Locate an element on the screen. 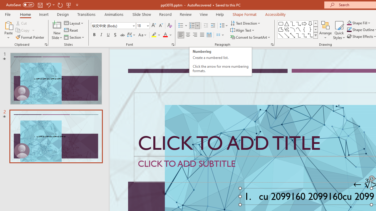 This screenshot has height=211, width=376. 'Quick Styles' is located at coordinates (339, 30).